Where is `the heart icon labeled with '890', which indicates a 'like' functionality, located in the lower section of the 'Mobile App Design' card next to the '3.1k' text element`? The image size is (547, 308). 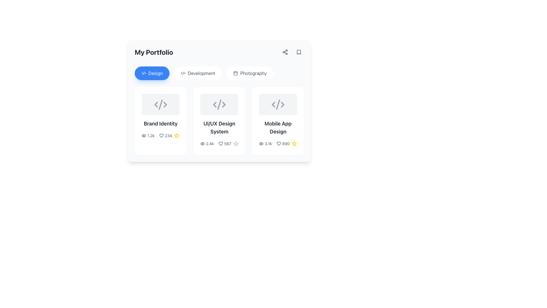 the heart icon labeled with '890', which indicates a 'like' functionality, located in the lower section of the 'Mobile App Design' card next to the '3.1k' text element is located at coordinates (283, 143).